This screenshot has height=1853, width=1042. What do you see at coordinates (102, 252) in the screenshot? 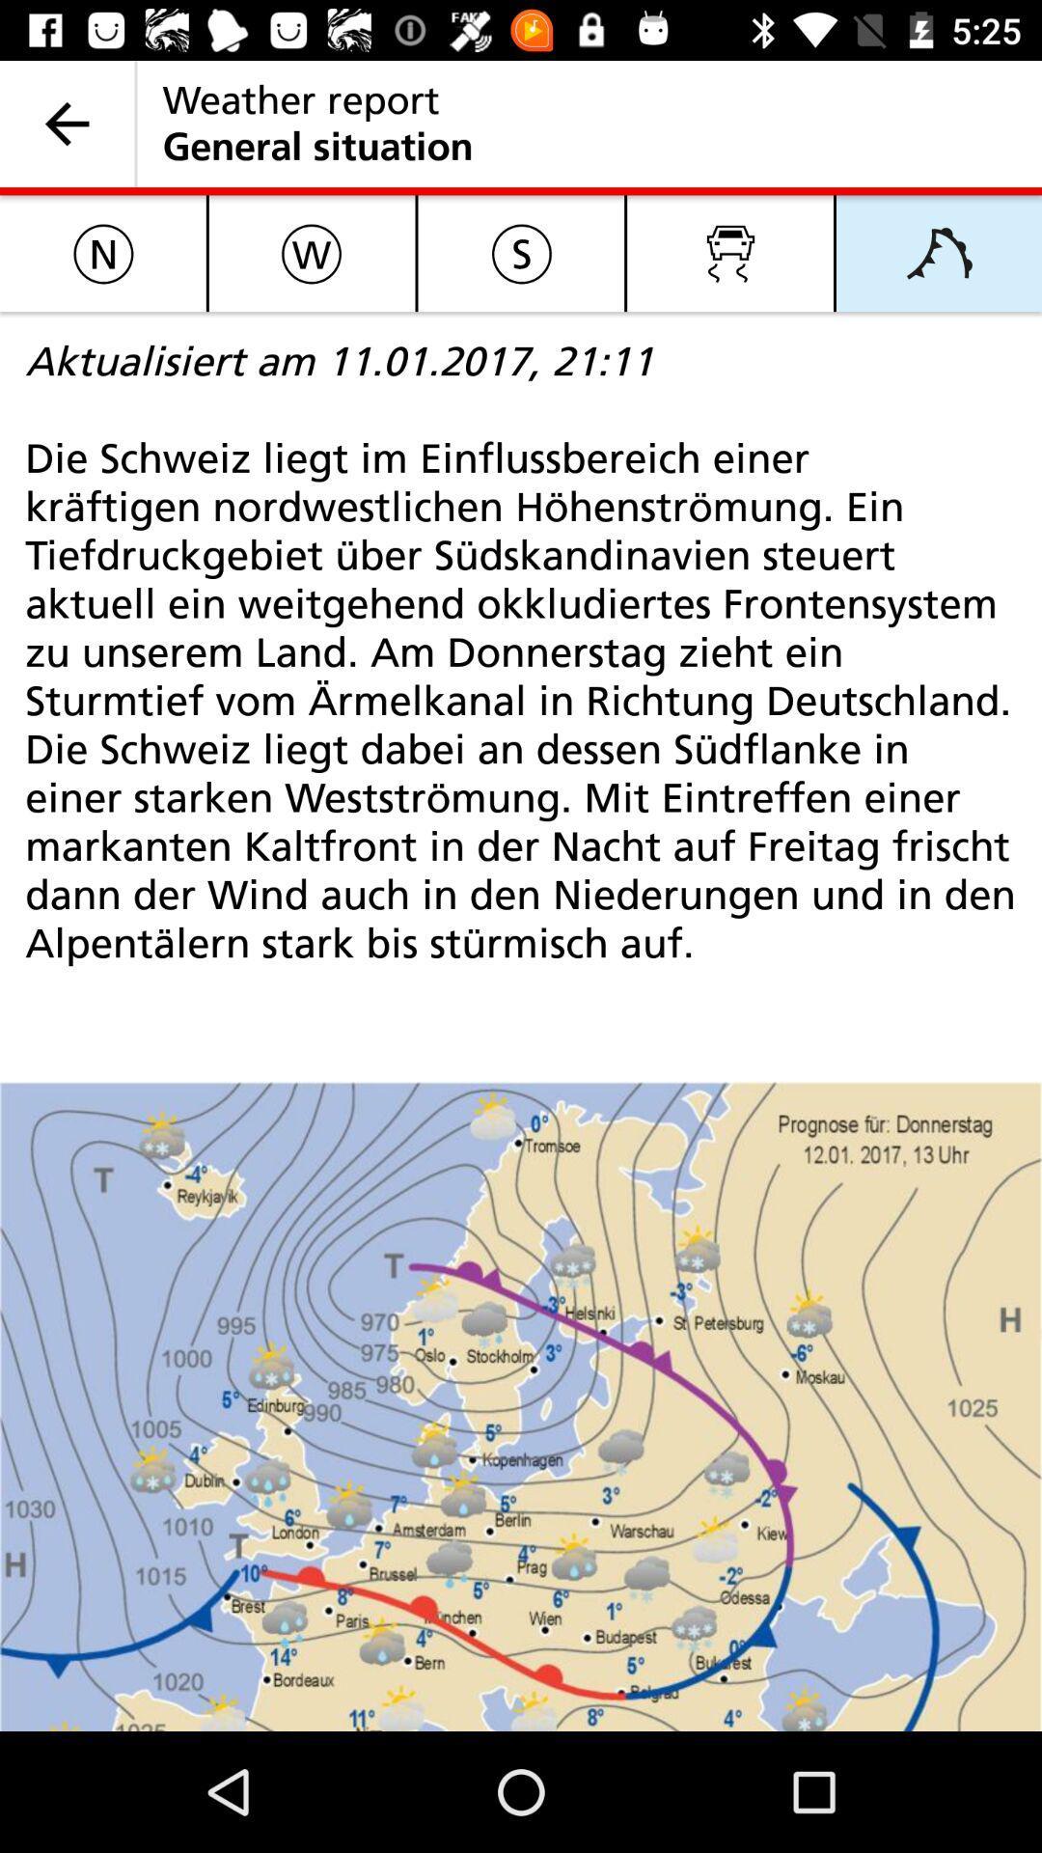
I see `the item above the aktualisiert am 11 item` at bounding box center [102, 252].